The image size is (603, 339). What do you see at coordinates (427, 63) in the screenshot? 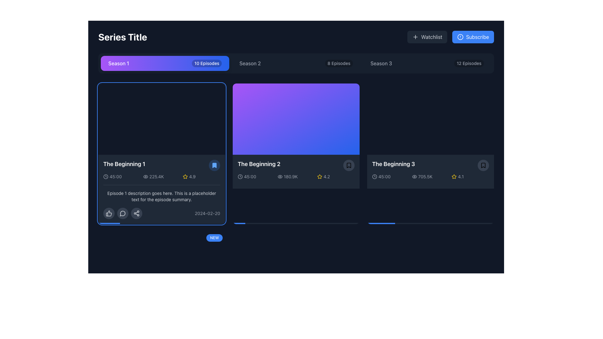
I see `the 'Season 3' button, which displays '12 Episodes' on the right, located among a group of buttons for different seasons` at bounding box center [427, 63].